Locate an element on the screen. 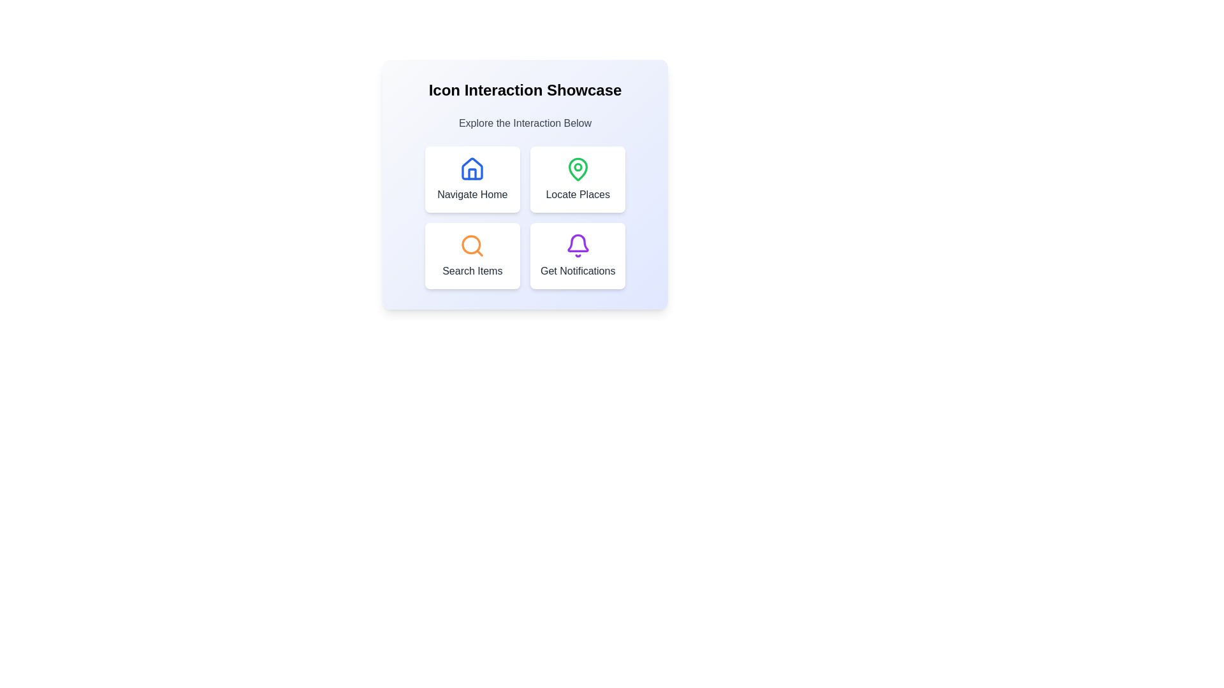 This screenshot has width=1224, height=688. the Text Label that describes the location-related interactive component, positioned below the location pin icon in the second card of the top row in a grid layout is located at coordinates (577, 194).